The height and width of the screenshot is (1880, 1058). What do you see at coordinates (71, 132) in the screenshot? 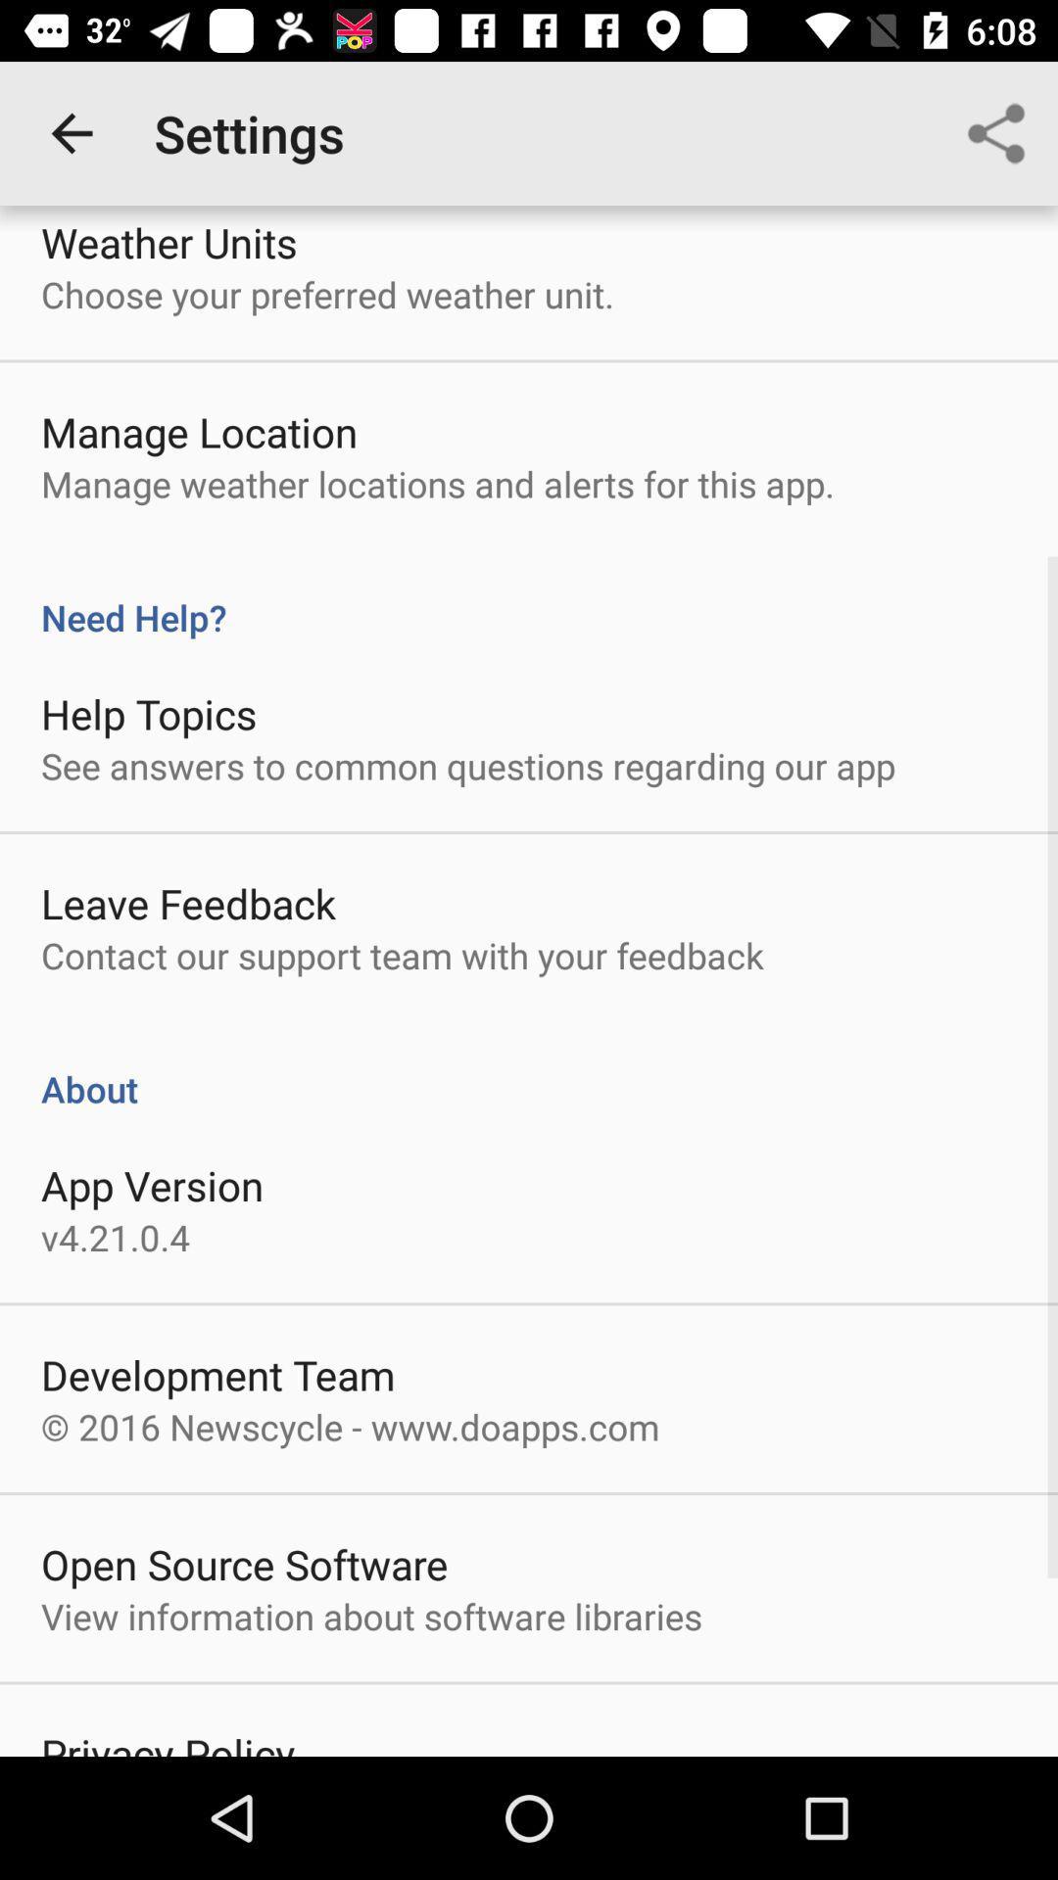
I see `icon above weather units` at bounding box center [71, 132].